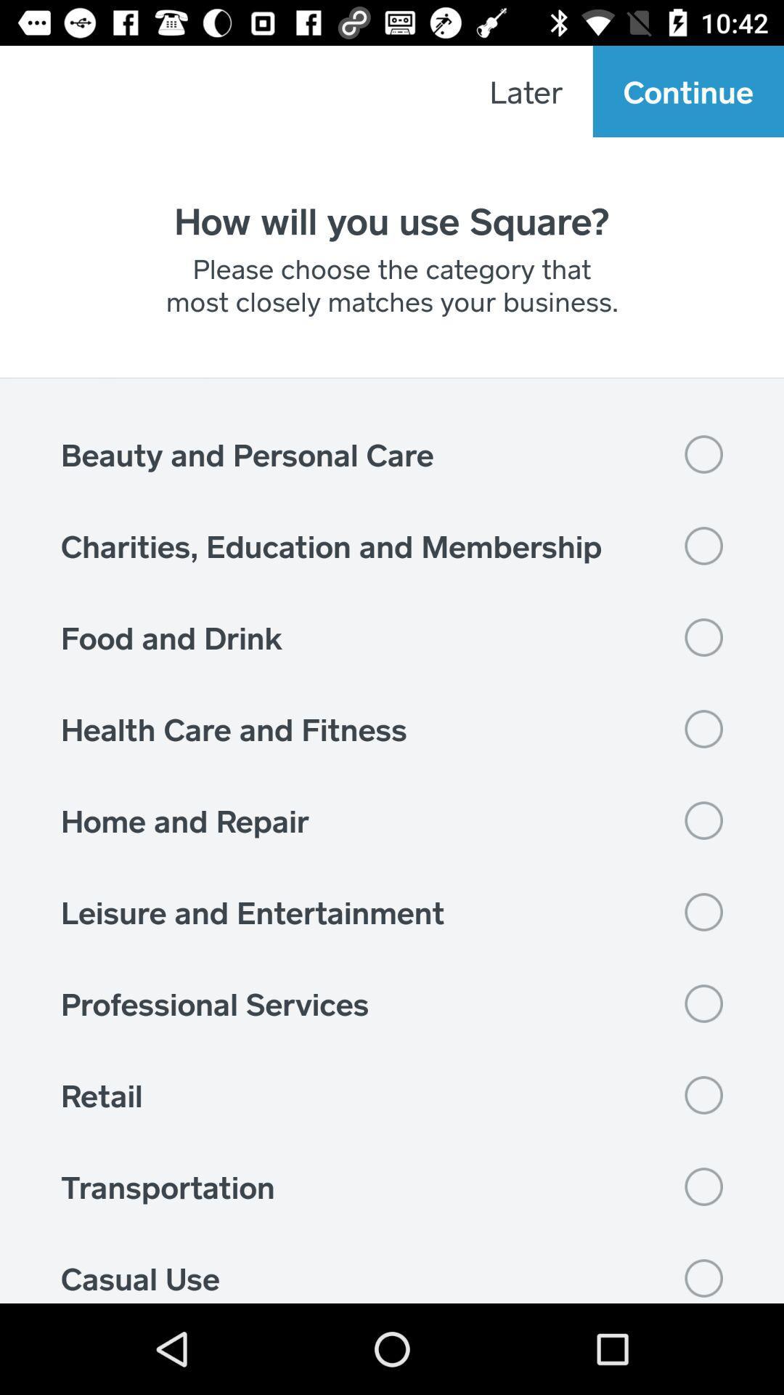 The height and width of the screenshot is (1395, 784). Describe the element at coordinates (392, 637) in the screenshot. I see `icon below charities education and icon` at that location.